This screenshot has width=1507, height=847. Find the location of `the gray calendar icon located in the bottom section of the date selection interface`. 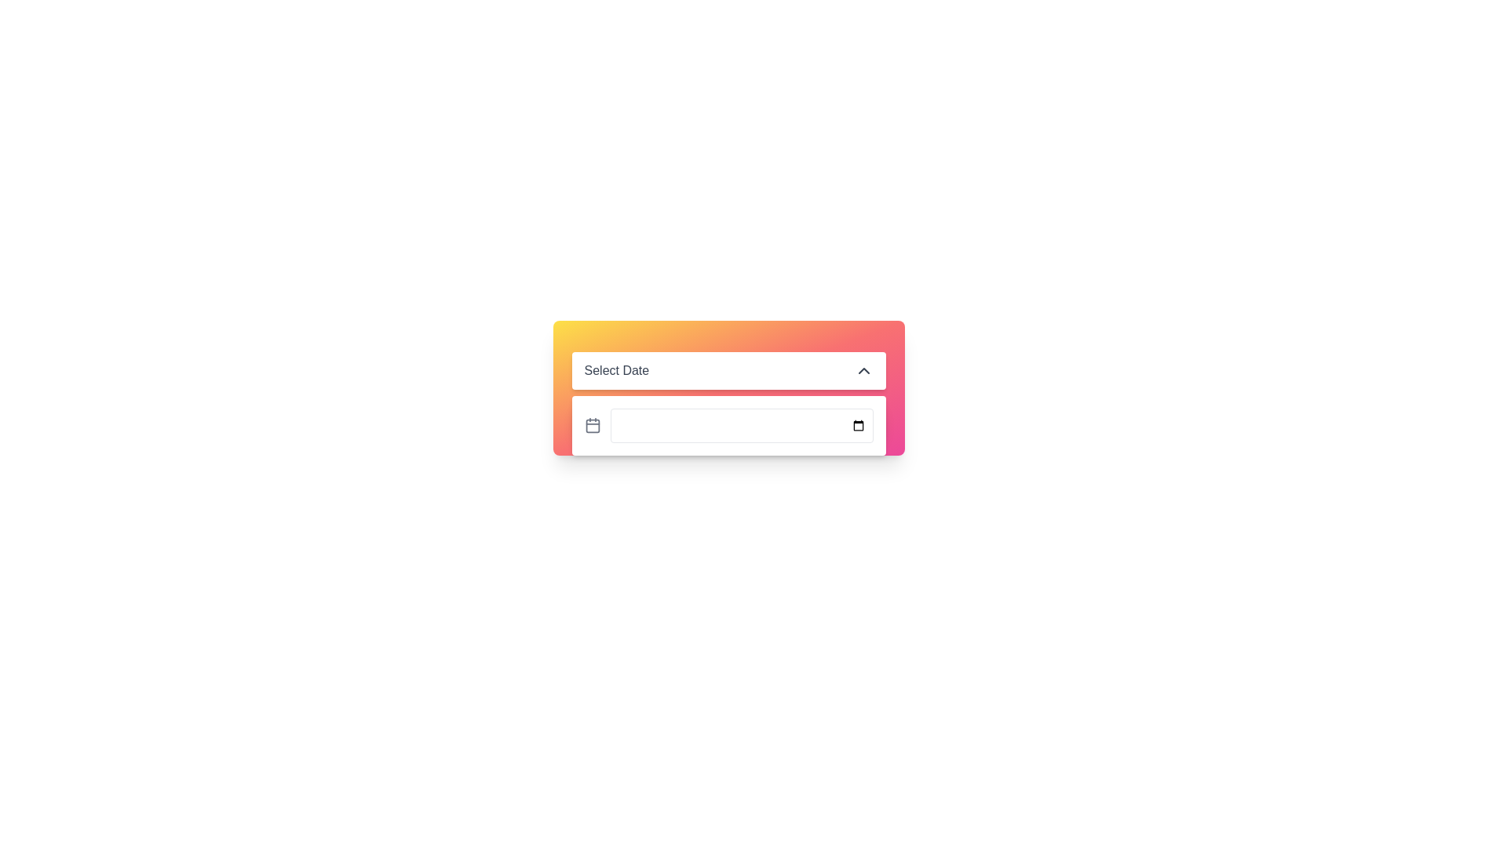

the gray calendar icon located in the bottom section of the date selection interface is located at coordinates (592, 426).